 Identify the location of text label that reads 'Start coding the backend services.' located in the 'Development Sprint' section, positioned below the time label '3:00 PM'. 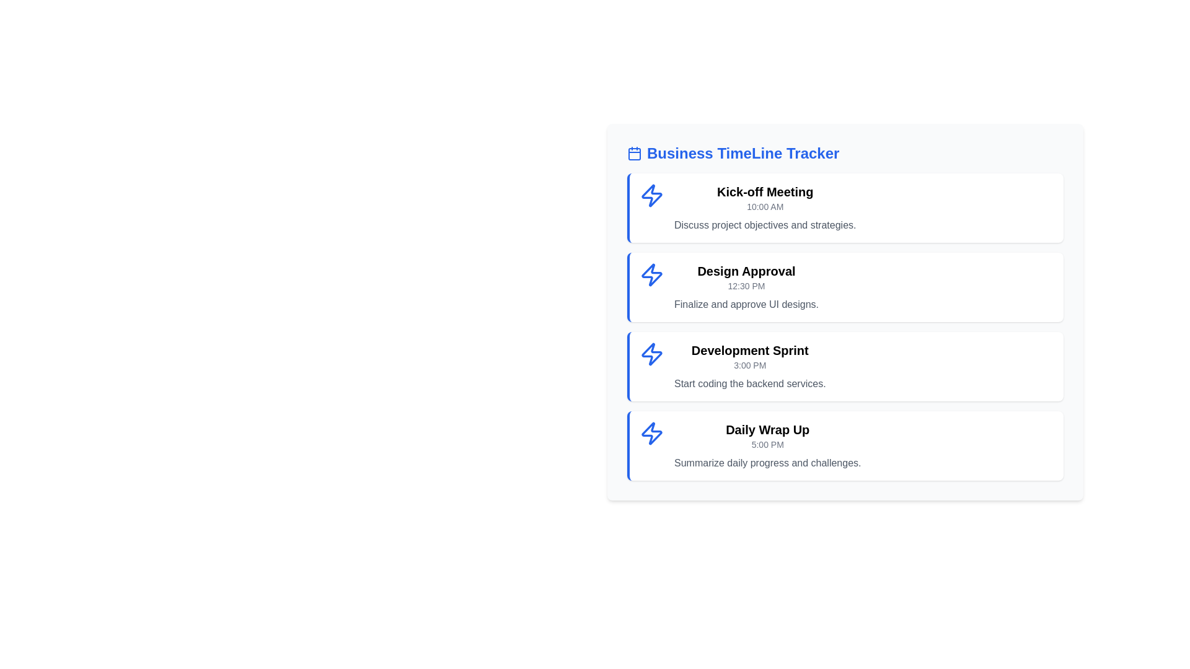
(749, 383).